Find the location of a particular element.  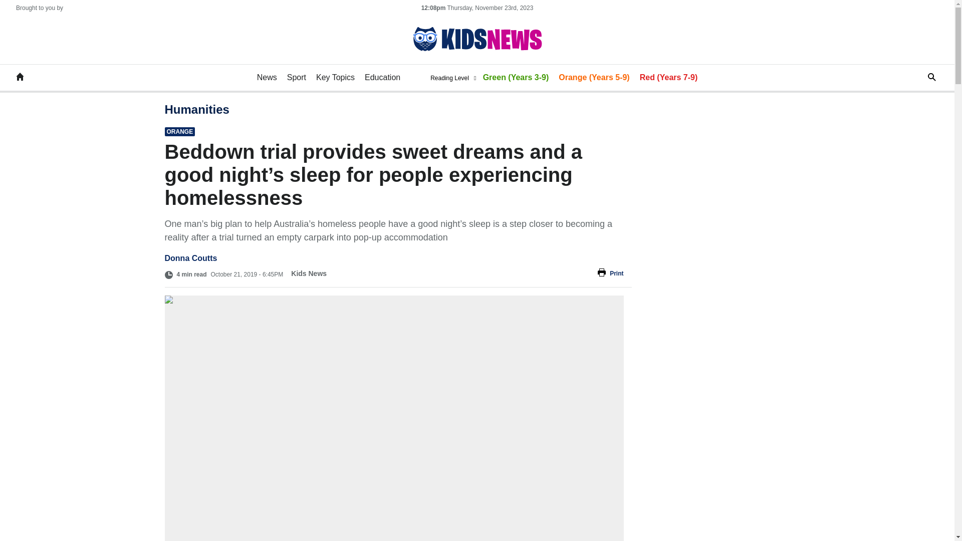

'News' is located at coordinates (252, 77).